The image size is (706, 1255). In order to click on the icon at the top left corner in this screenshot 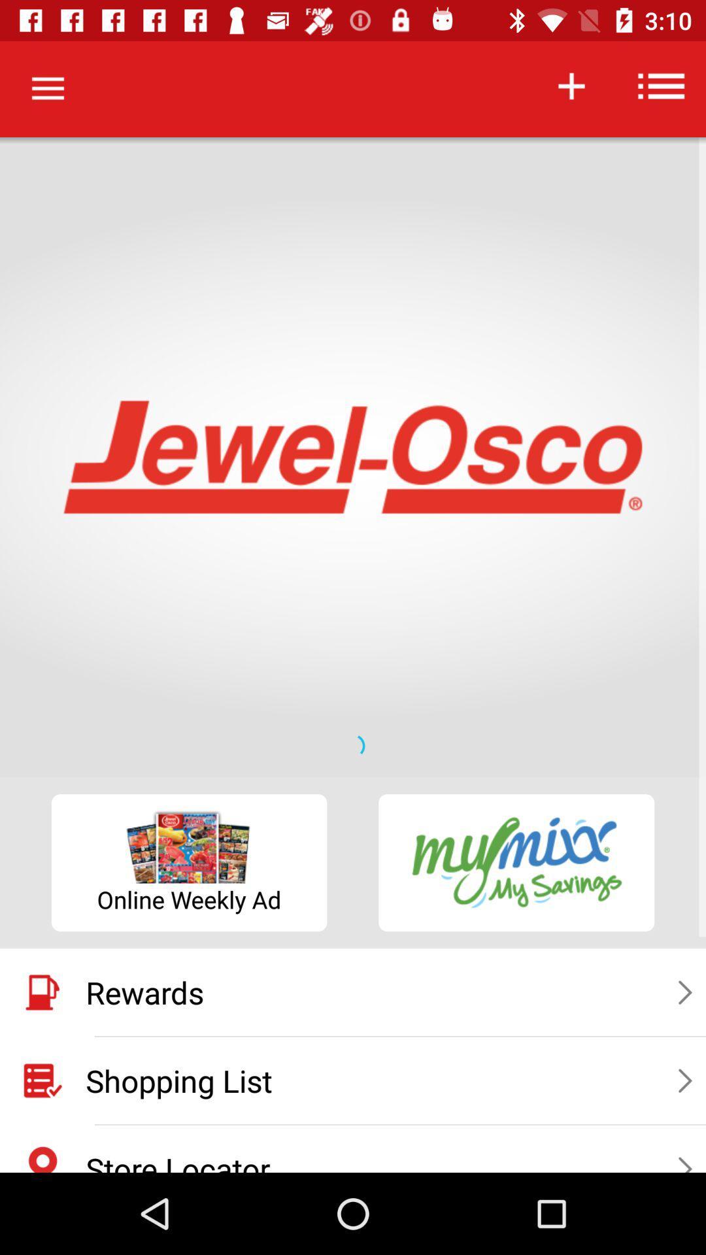, I will do `click(47, 88)`.